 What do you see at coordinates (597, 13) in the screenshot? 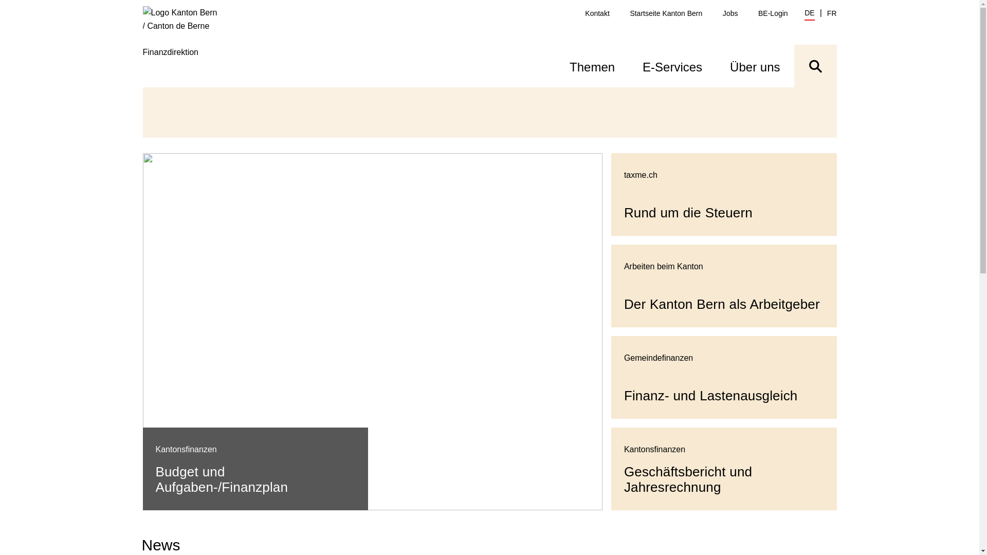
I see `'Kontakt'` at bounding box center [597, 13].